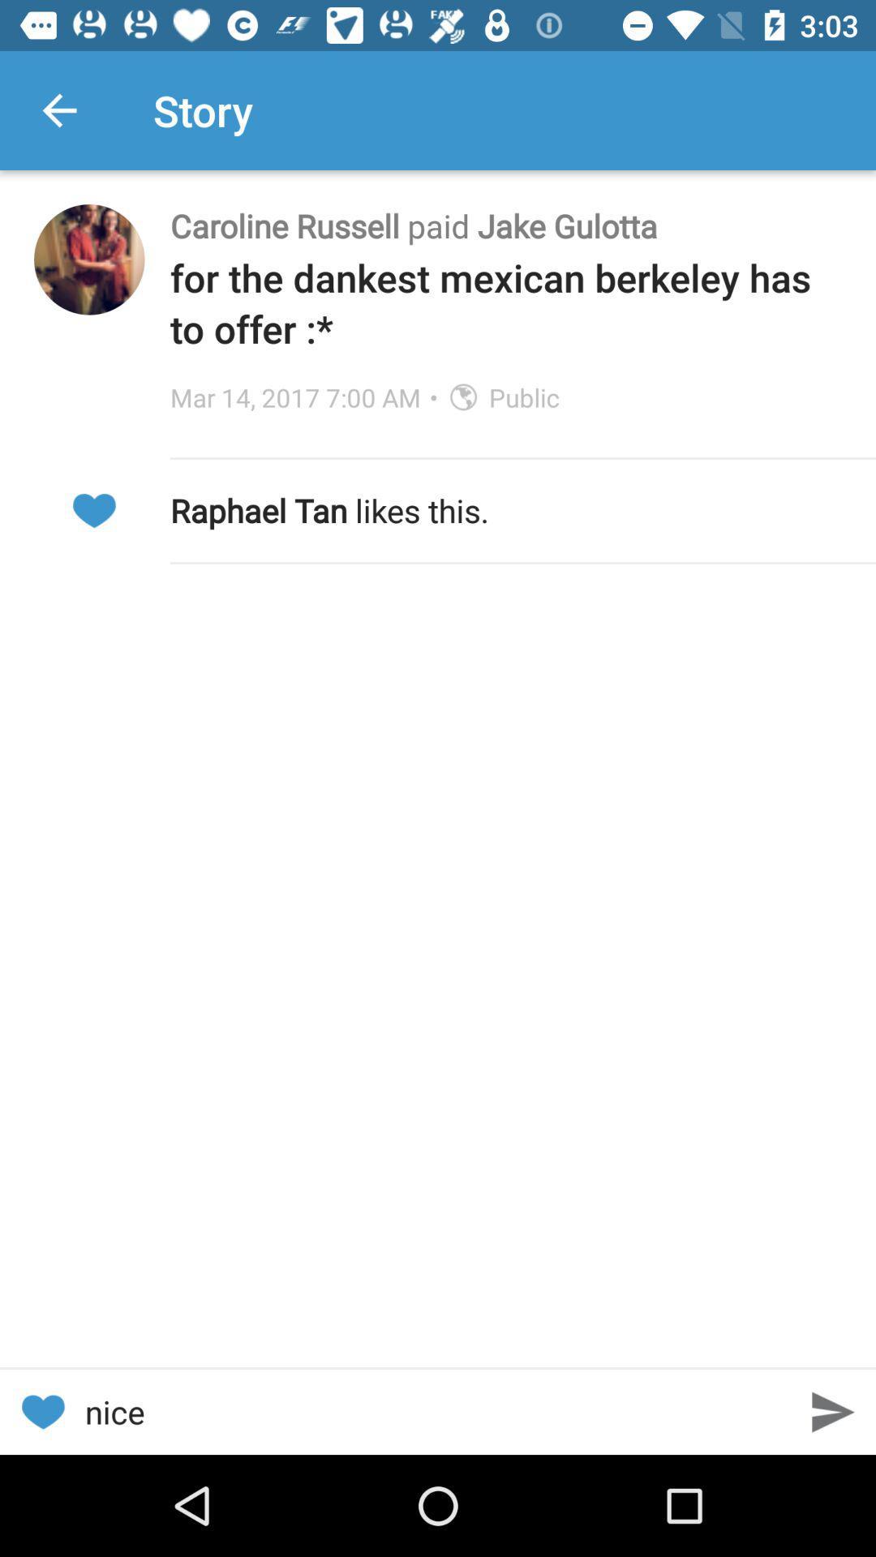  Describe the element at coordinates (505, 509) in the screenshot. I see `raphael tan likes item` at that location.